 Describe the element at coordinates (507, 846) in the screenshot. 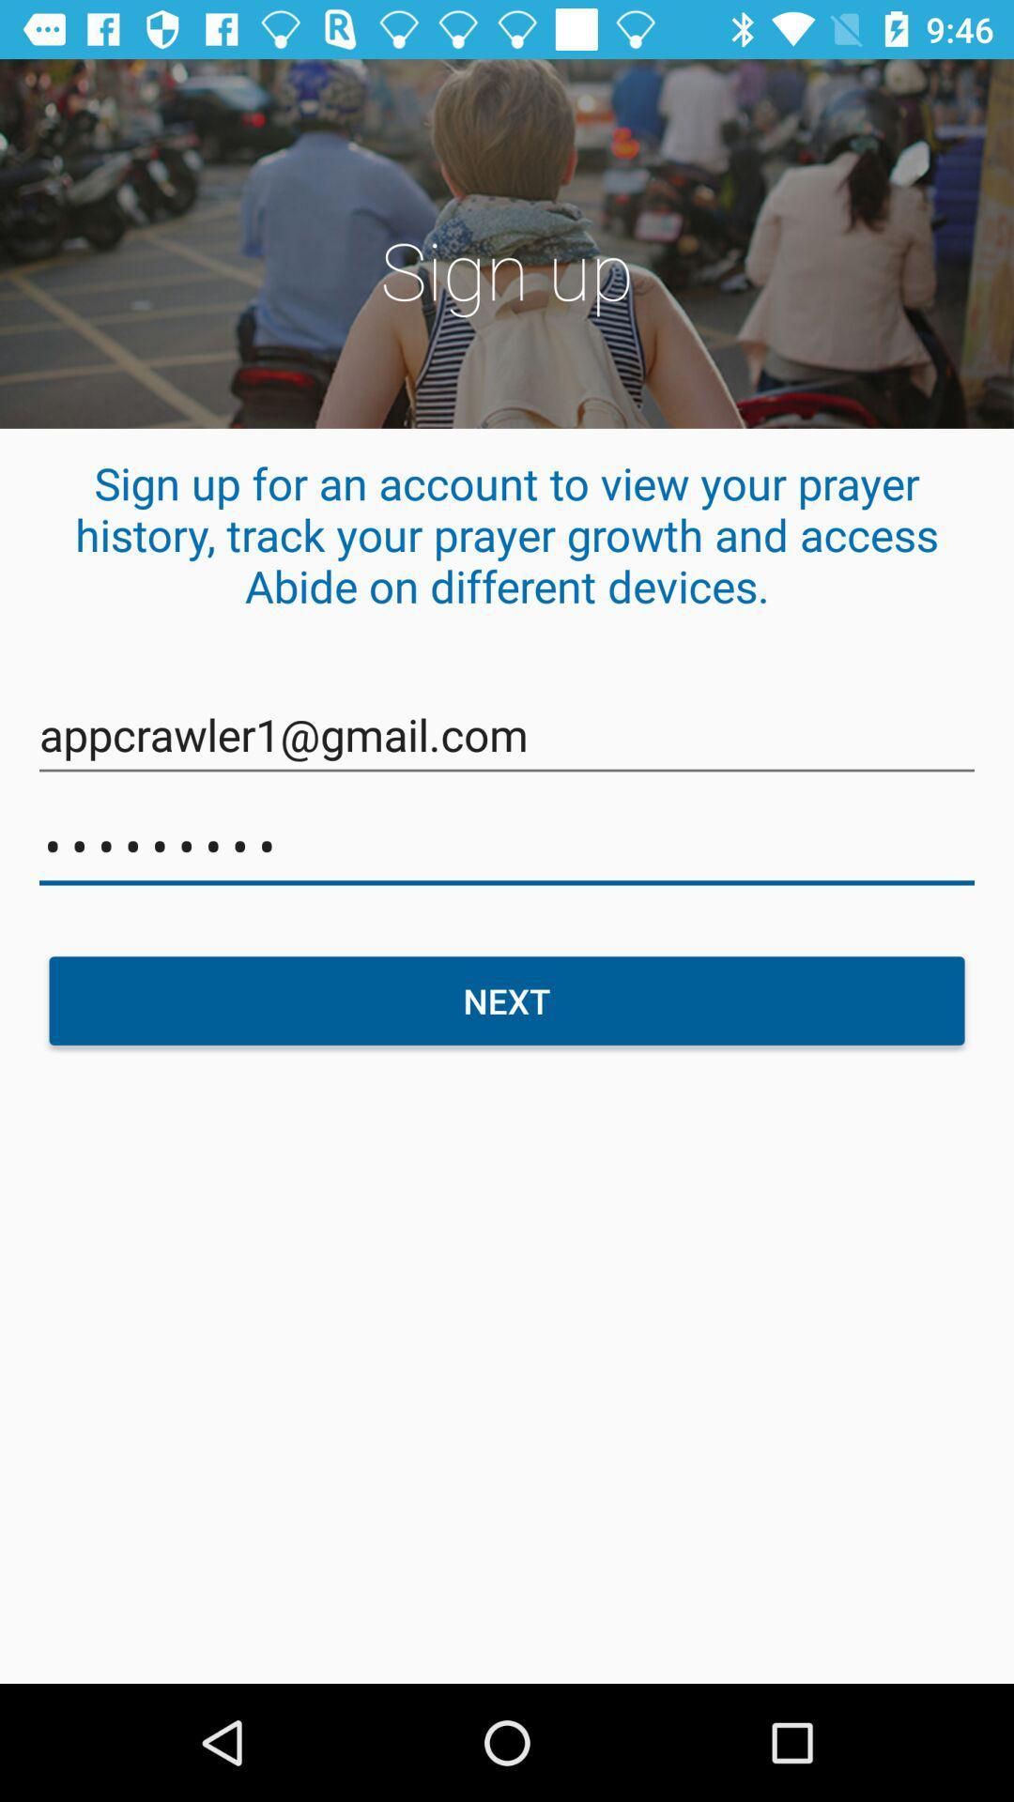

I see `icon below the appcrawler1@gmail.com icon` at that location.